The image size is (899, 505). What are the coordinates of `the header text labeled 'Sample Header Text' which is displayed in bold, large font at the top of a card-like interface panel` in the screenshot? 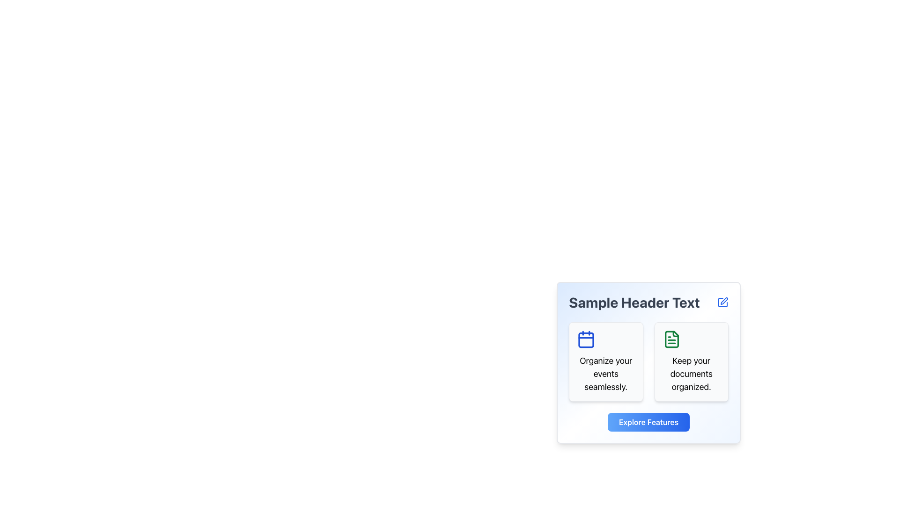 It's located at (648, 303).